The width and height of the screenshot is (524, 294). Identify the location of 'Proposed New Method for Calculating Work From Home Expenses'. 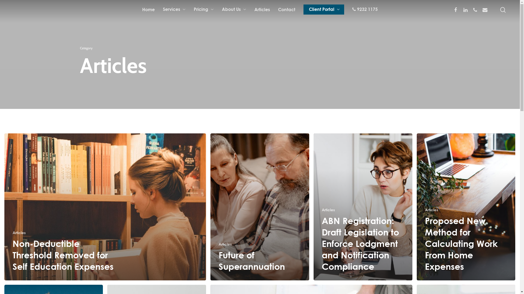
(461, 243).